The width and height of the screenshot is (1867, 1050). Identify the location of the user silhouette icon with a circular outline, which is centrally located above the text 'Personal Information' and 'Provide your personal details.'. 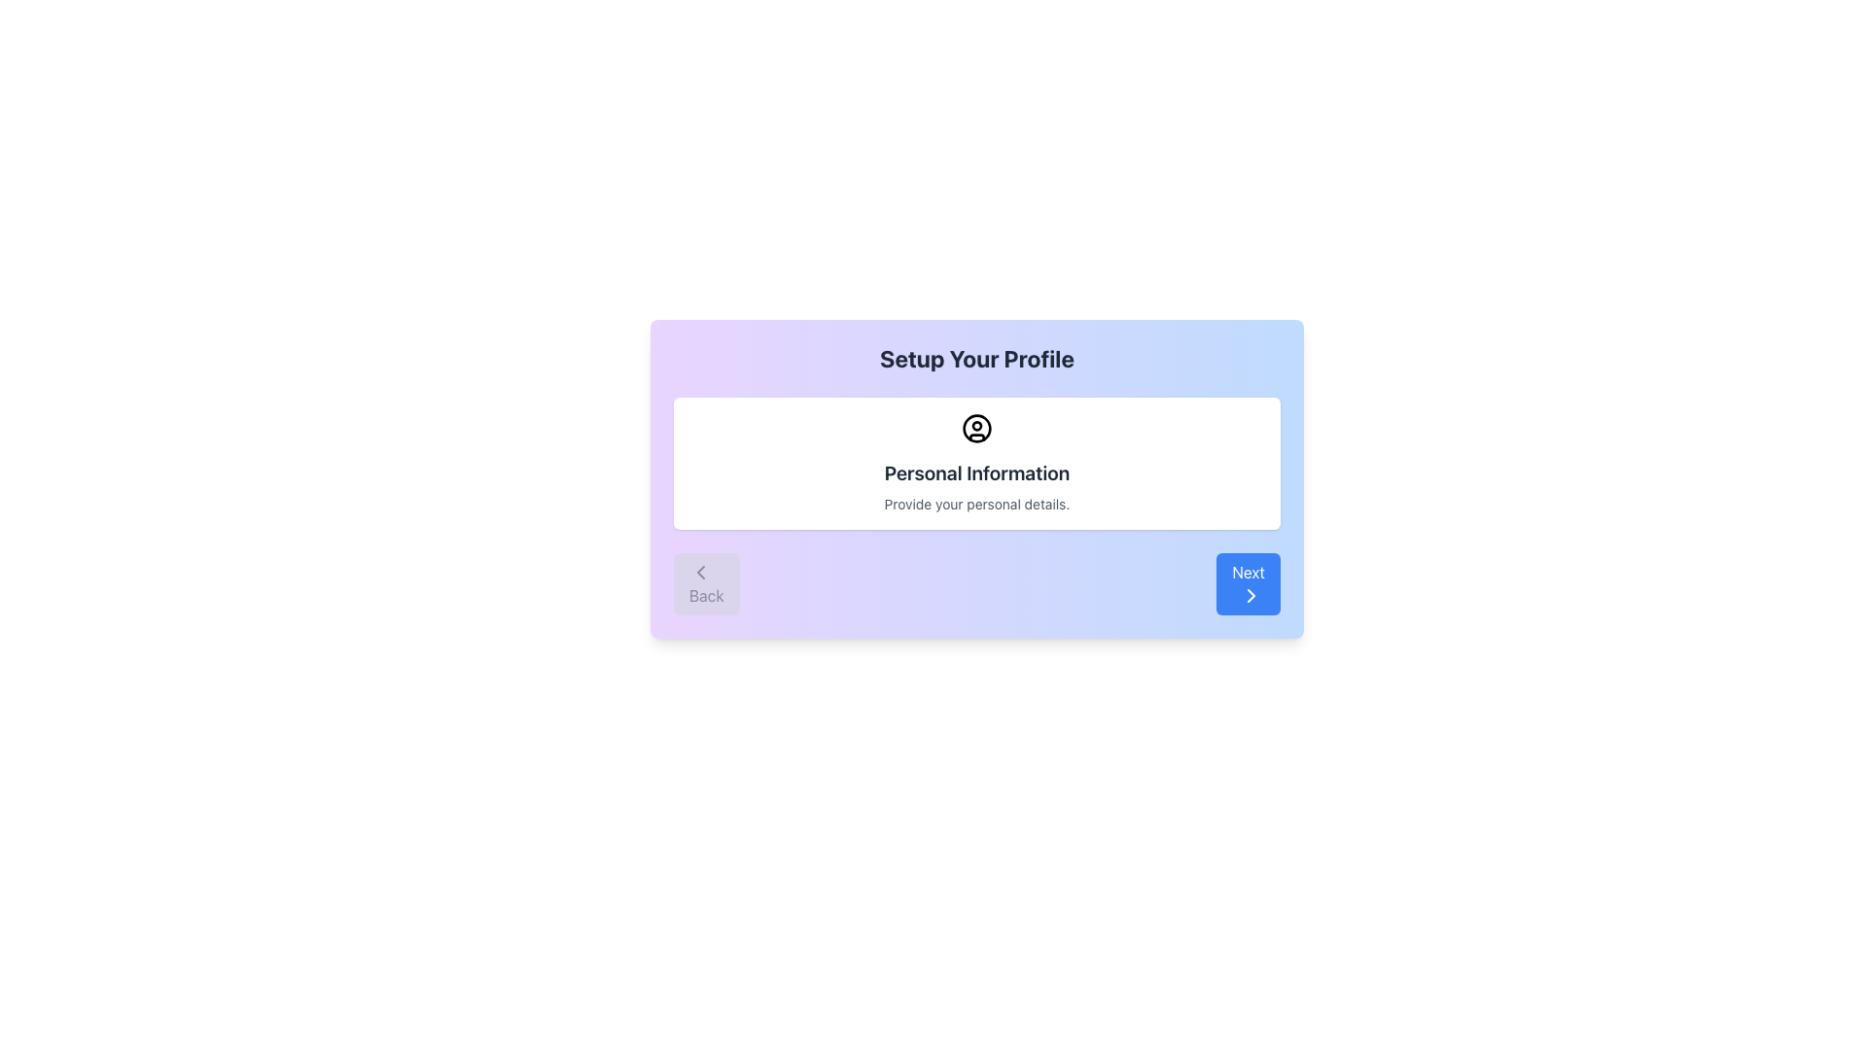
(976, 427).